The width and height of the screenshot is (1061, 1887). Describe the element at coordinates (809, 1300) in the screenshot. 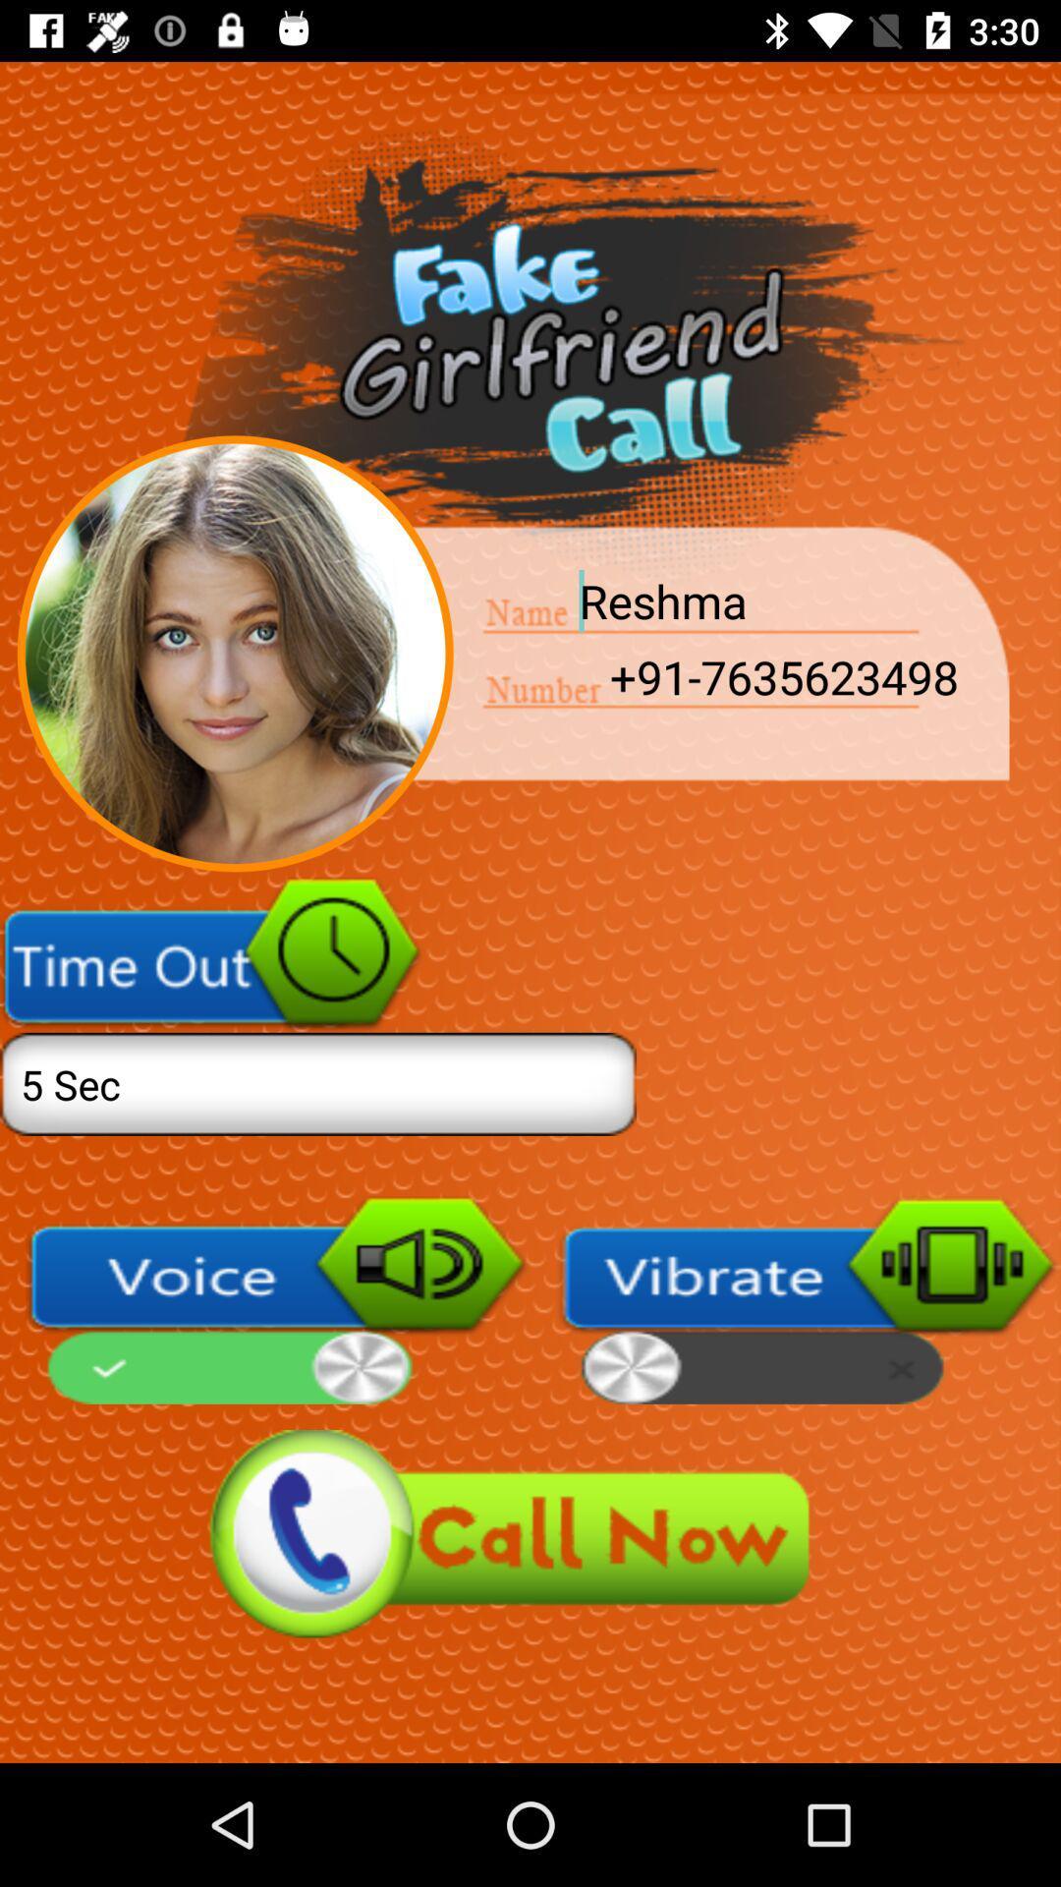

I see `vibrate option the article` at that location.